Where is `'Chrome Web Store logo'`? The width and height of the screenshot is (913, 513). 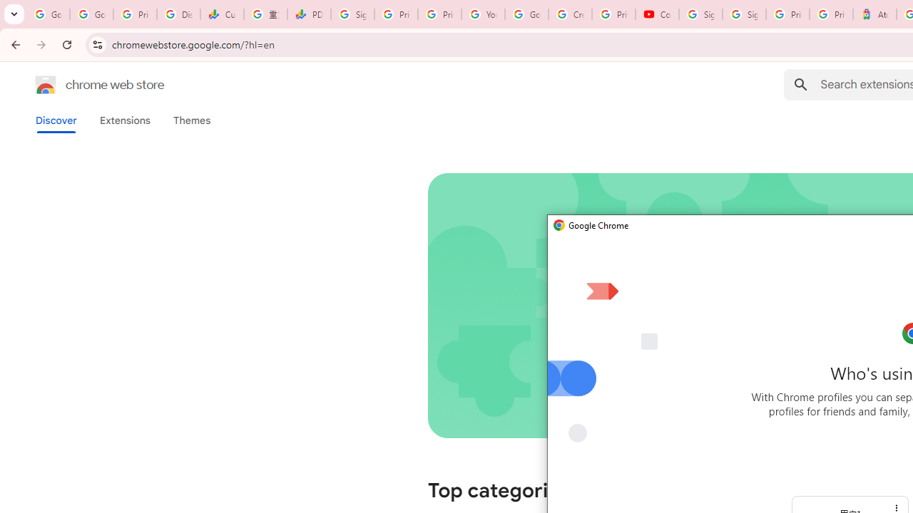
'Chrome Web Store logo' is located at coordinates (46, 85).